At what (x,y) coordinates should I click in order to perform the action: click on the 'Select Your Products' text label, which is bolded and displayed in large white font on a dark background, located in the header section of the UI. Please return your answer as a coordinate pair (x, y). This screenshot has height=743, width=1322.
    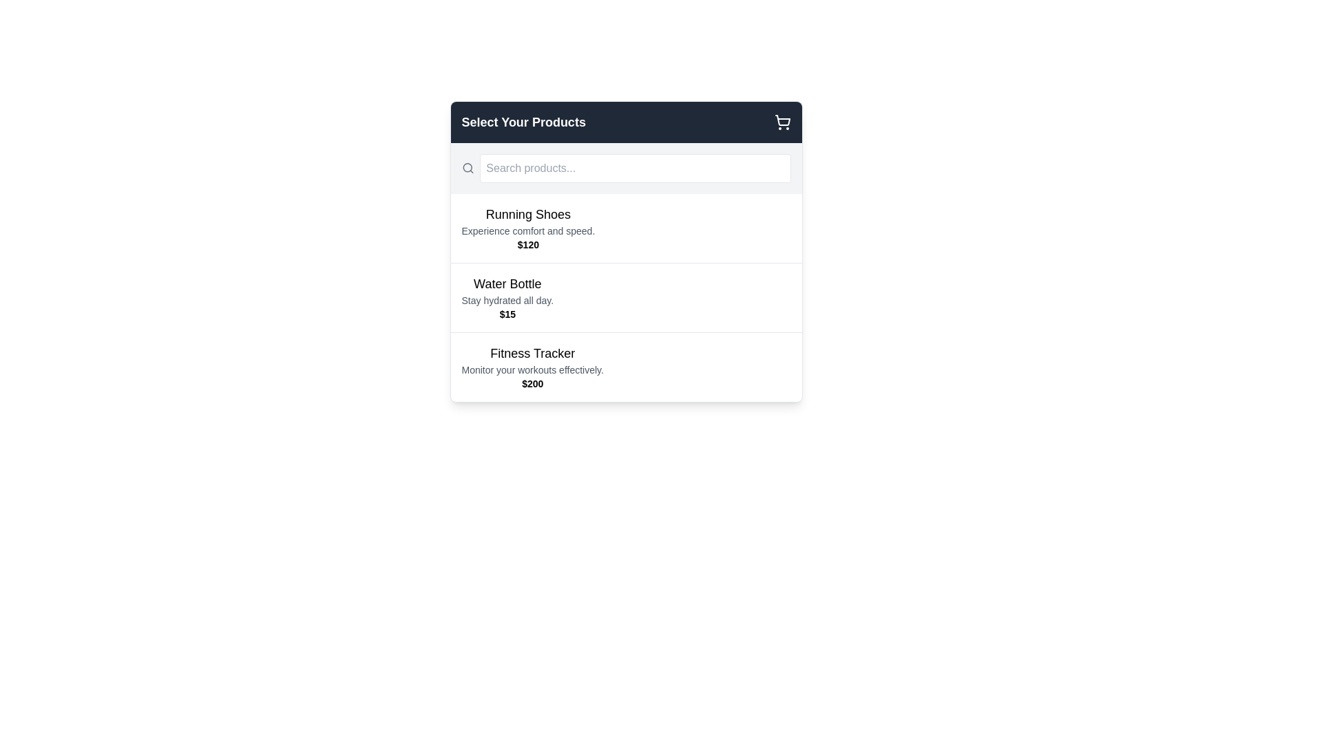
    Looking at the image, I should click on (523, 121).